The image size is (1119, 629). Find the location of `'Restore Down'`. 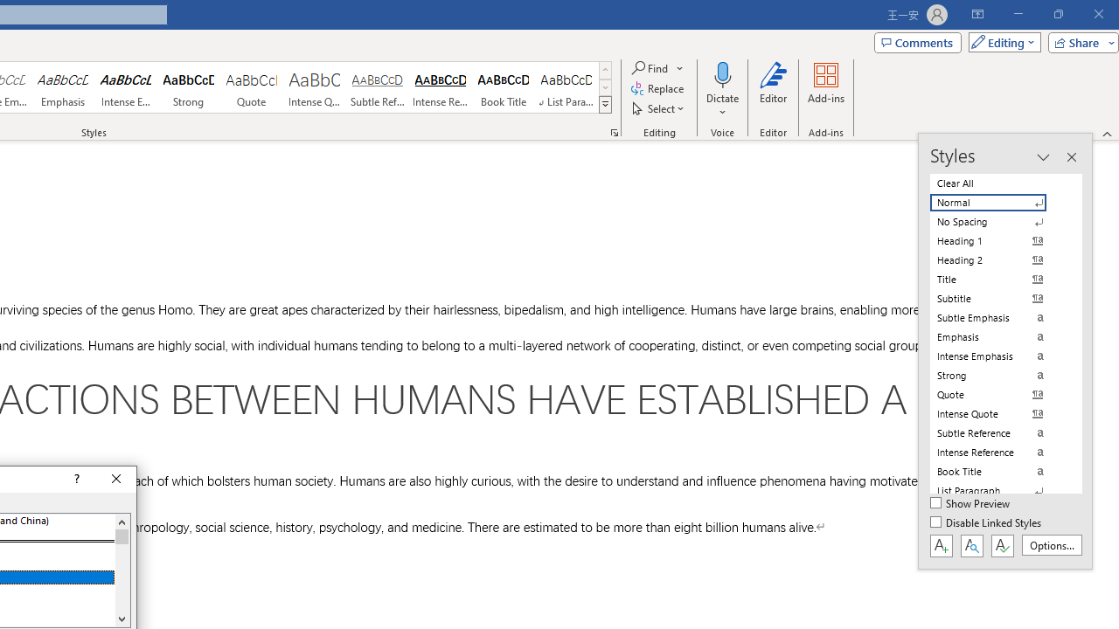

'Restore Down' is located at coordinates (1057, 14).